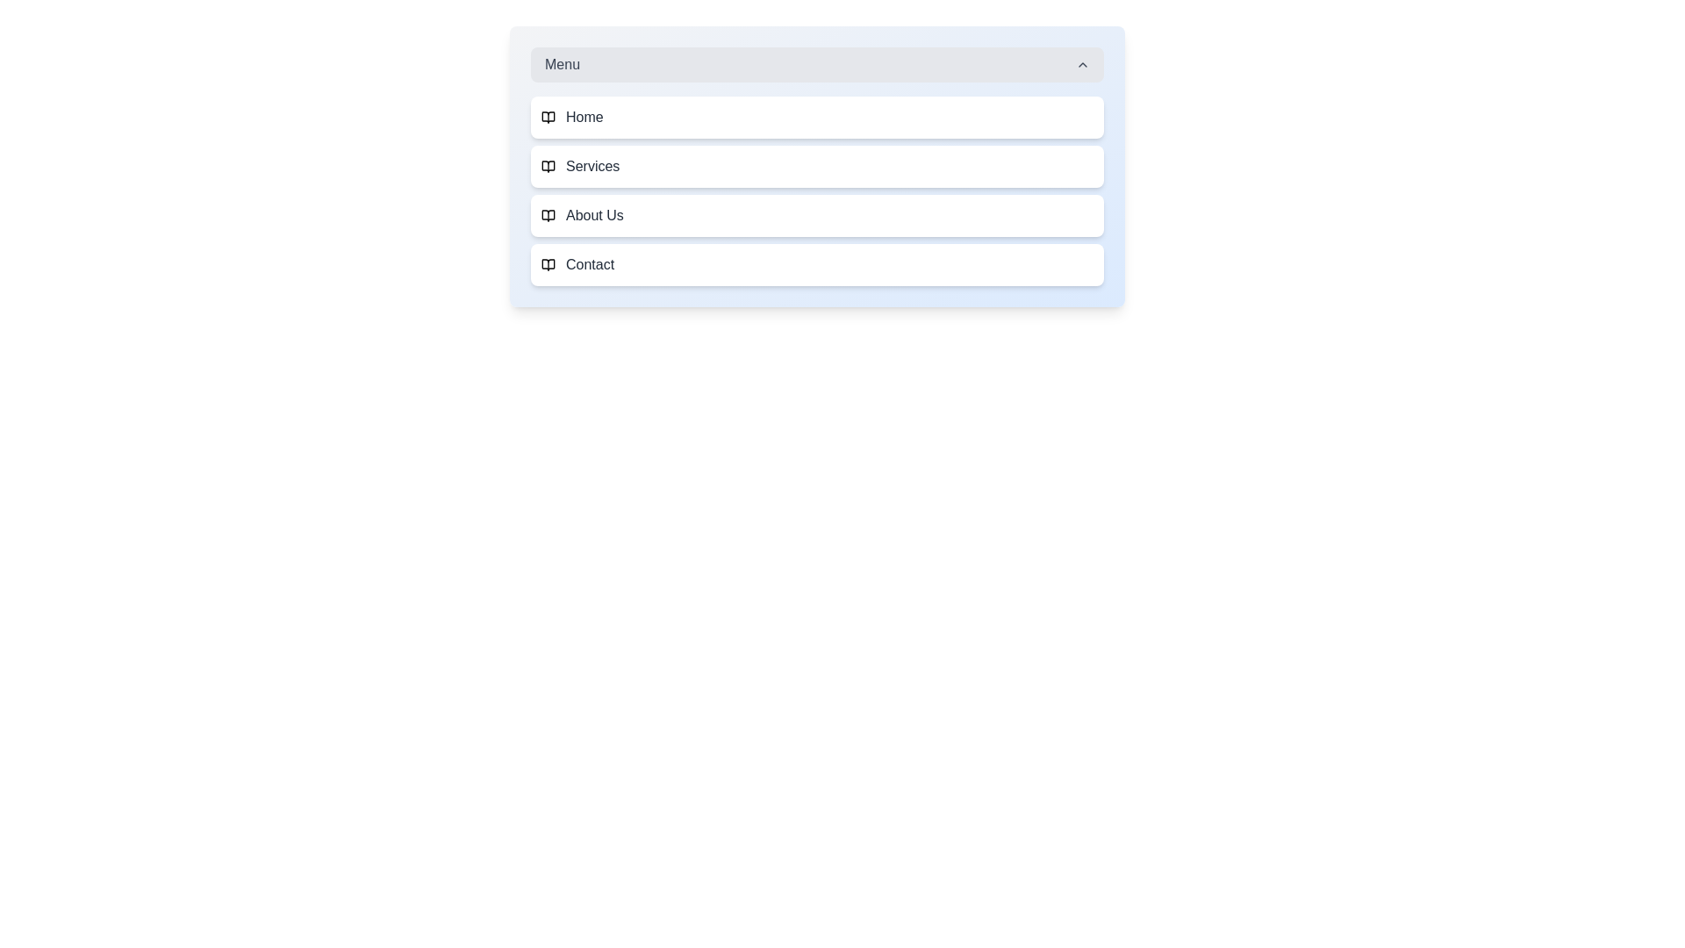  I want to click on the 'Home' menu item icon located in the navigation menu, which visually denotes the 'Home' menu item beside the text 'Home', so click(547, 118).